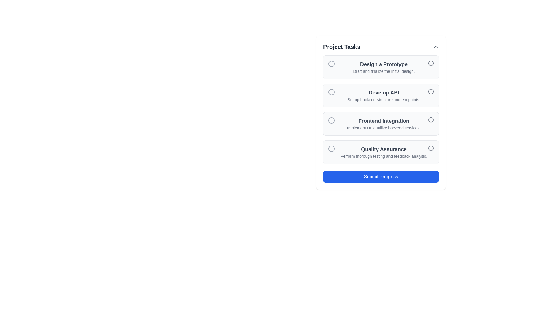 Image resolution: width=555 pixels, height=312 pixels. Describe the element at coordinates (384, 99) in the screenshot. I see `the text element providing a brief description for the 'Develop API' task, located below the 'Develop API' header in the project task list` at that location.